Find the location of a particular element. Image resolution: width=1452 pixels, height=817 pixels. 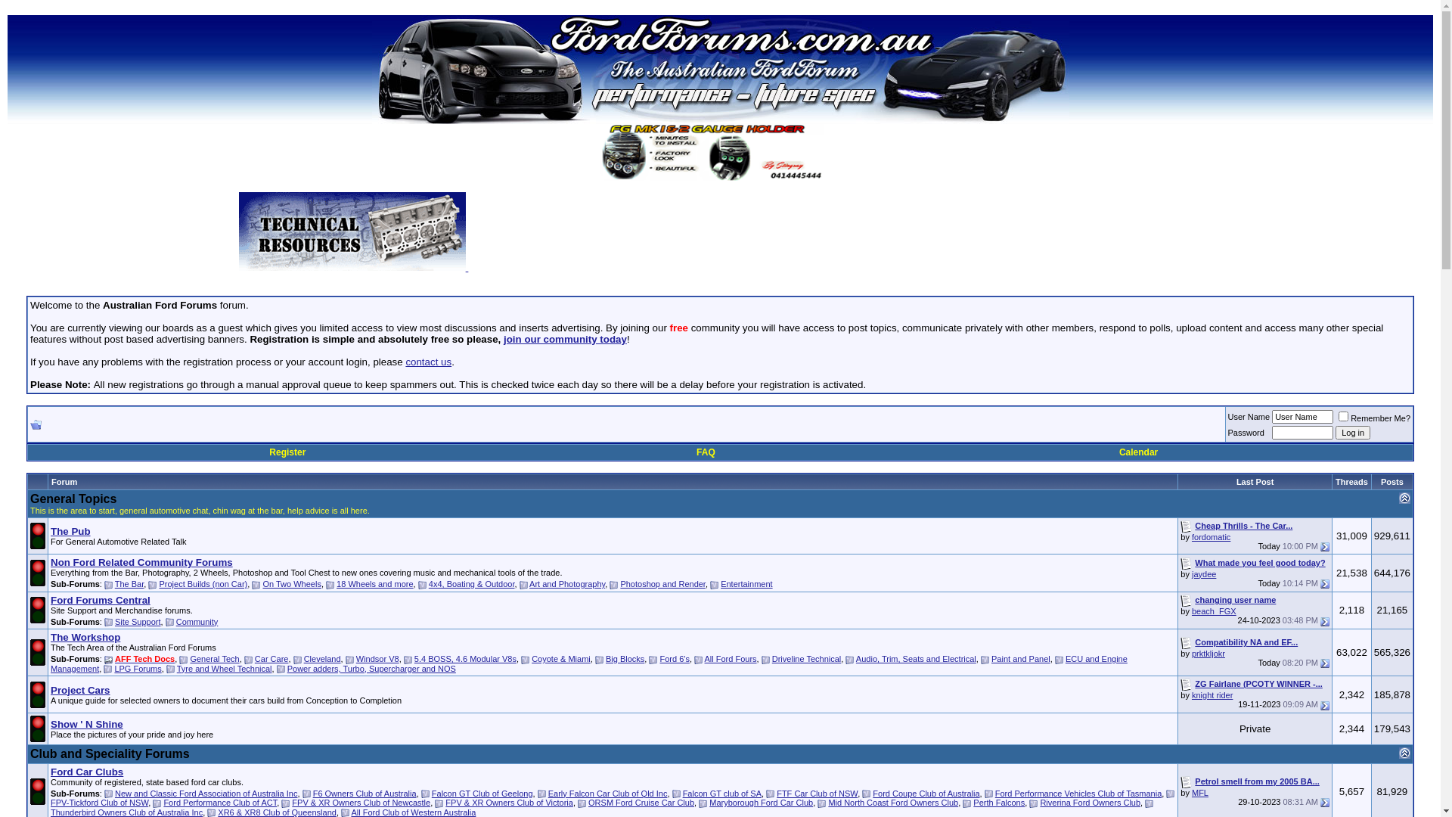

'Ford Performance Vehicles Club of Tasmania' is located at coordinates (1078, 793).